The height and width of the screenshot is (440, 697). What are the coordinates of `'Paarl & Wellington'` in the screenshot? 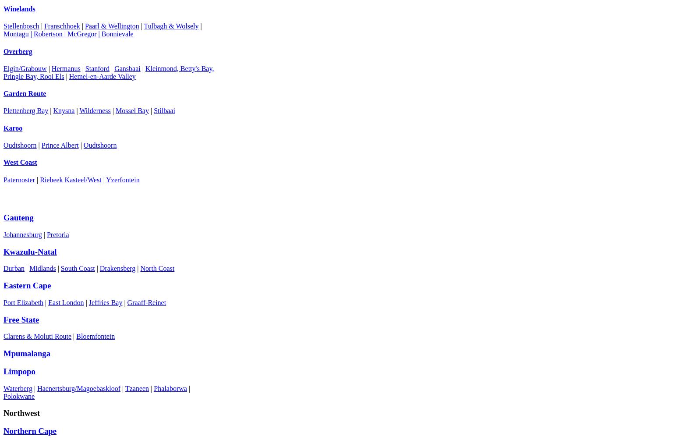 It's located at (84, 26).